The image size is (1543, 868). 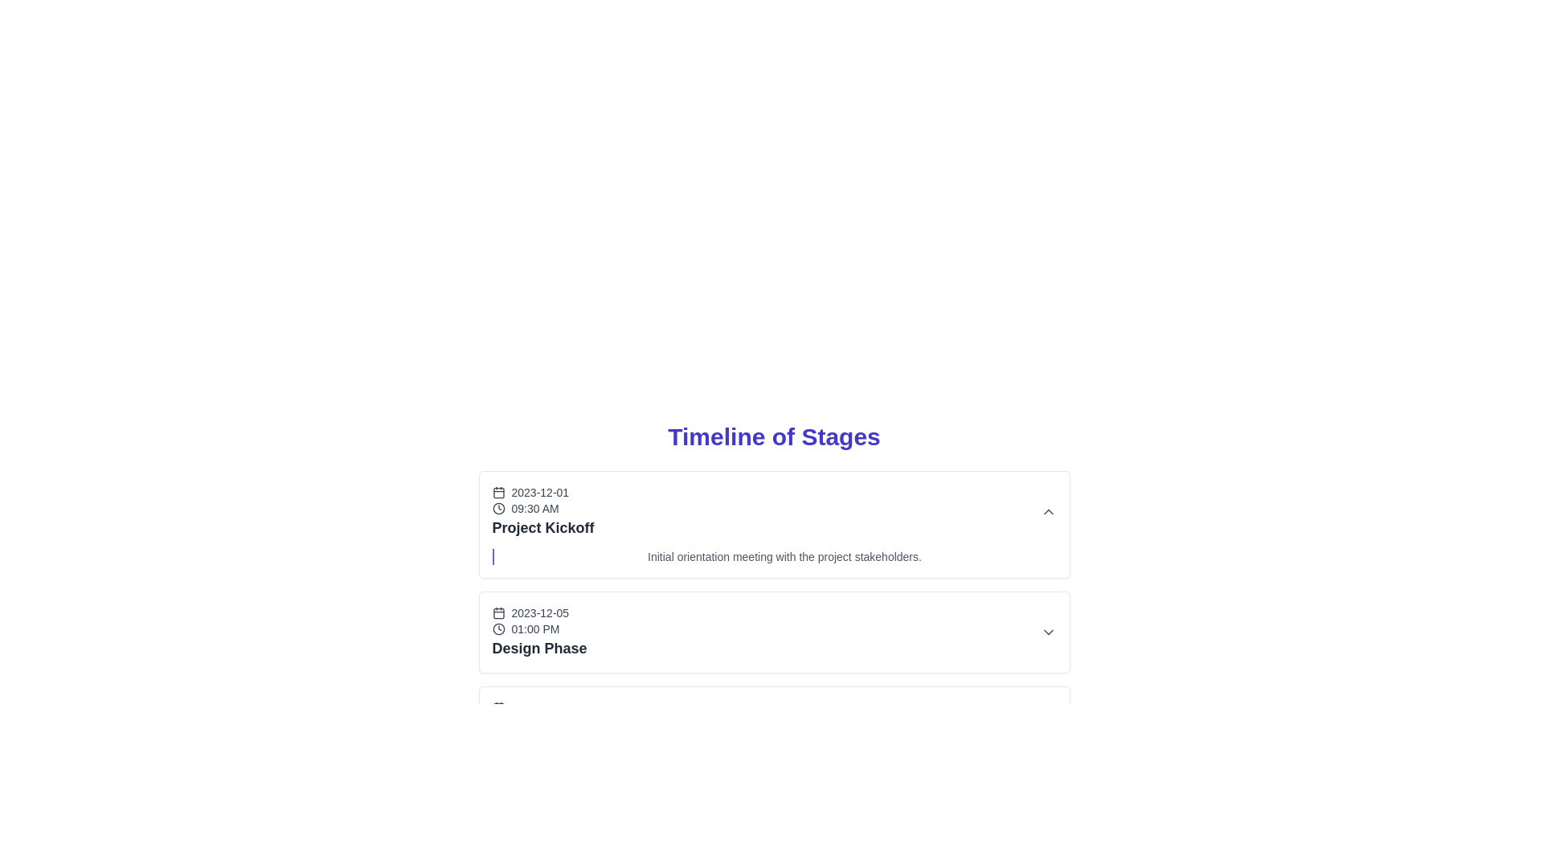 What do you see at coordinates (497, 508) in the screenshot?
I see `time indicator icon located to the left of the '09:30 AM' text in the event card for 'Project Kickoff'` at bounding box center [497, 508].